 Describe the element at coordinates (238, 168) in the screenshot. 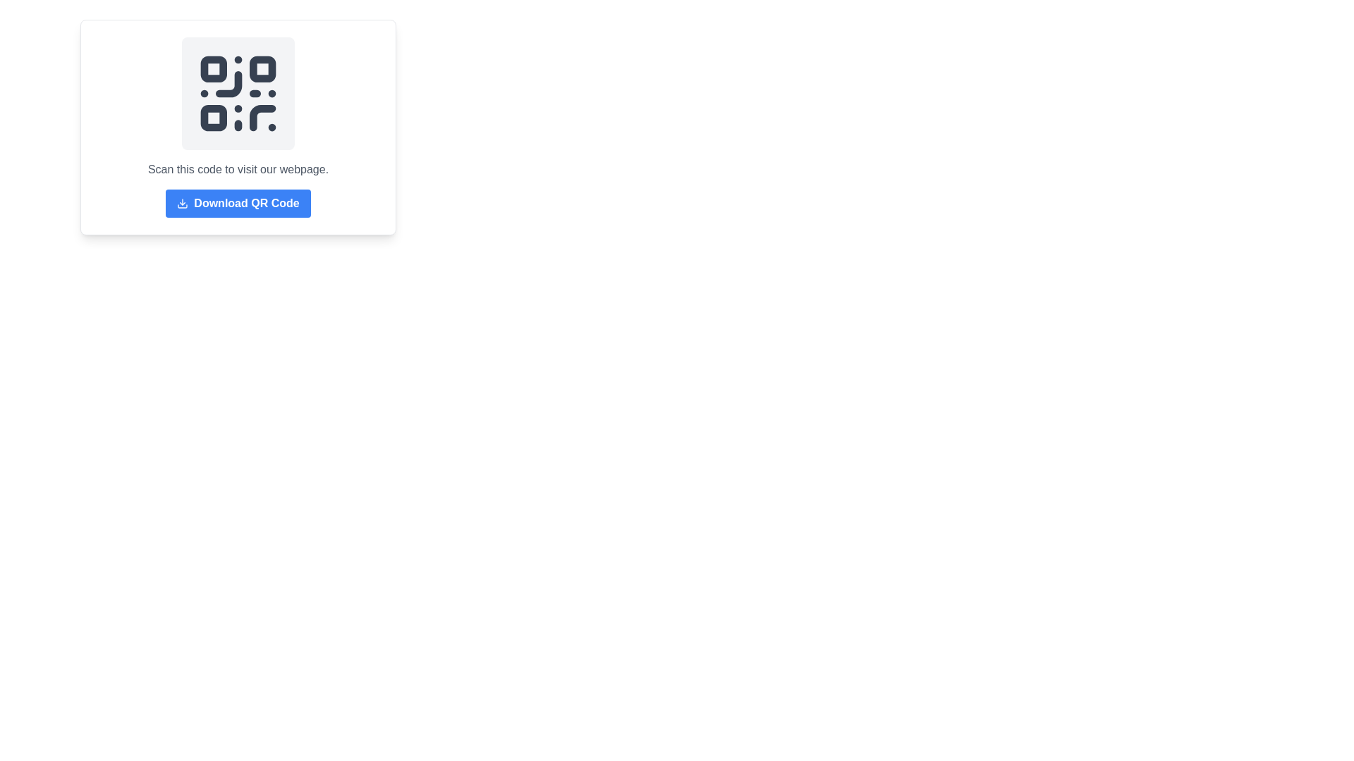

I see `the text label that reads 'Scan this code to visit our webpage.' which is styled with a muted gray color and centered alignment, located below the QR code graphic and above the 'Download QR Code' button` at that location.